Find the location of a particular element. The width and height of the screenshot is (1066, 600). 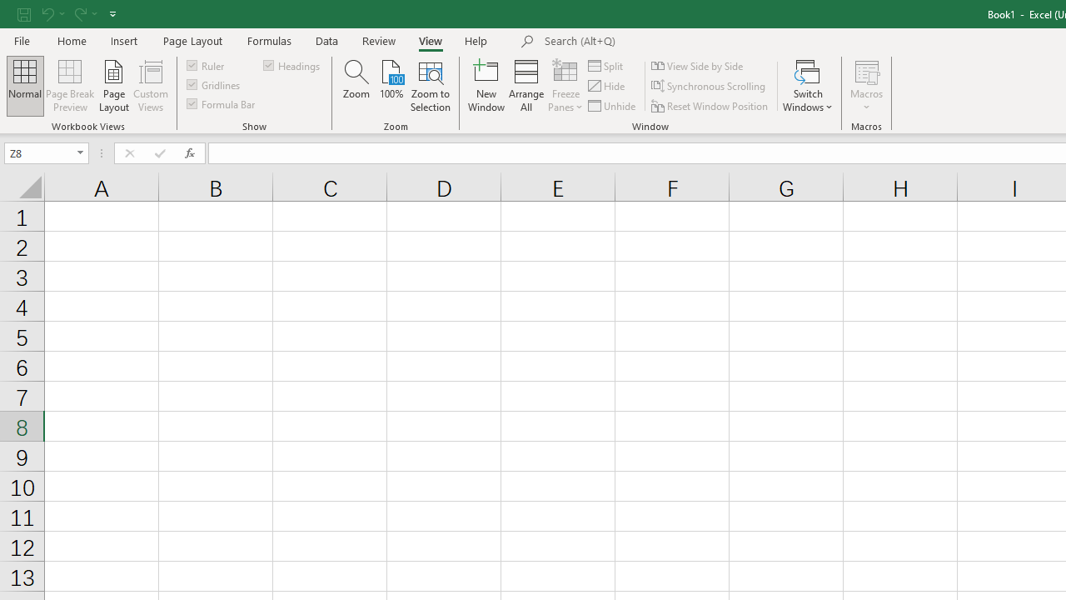

'Custom Views...' is located at coordinates (151, 86).